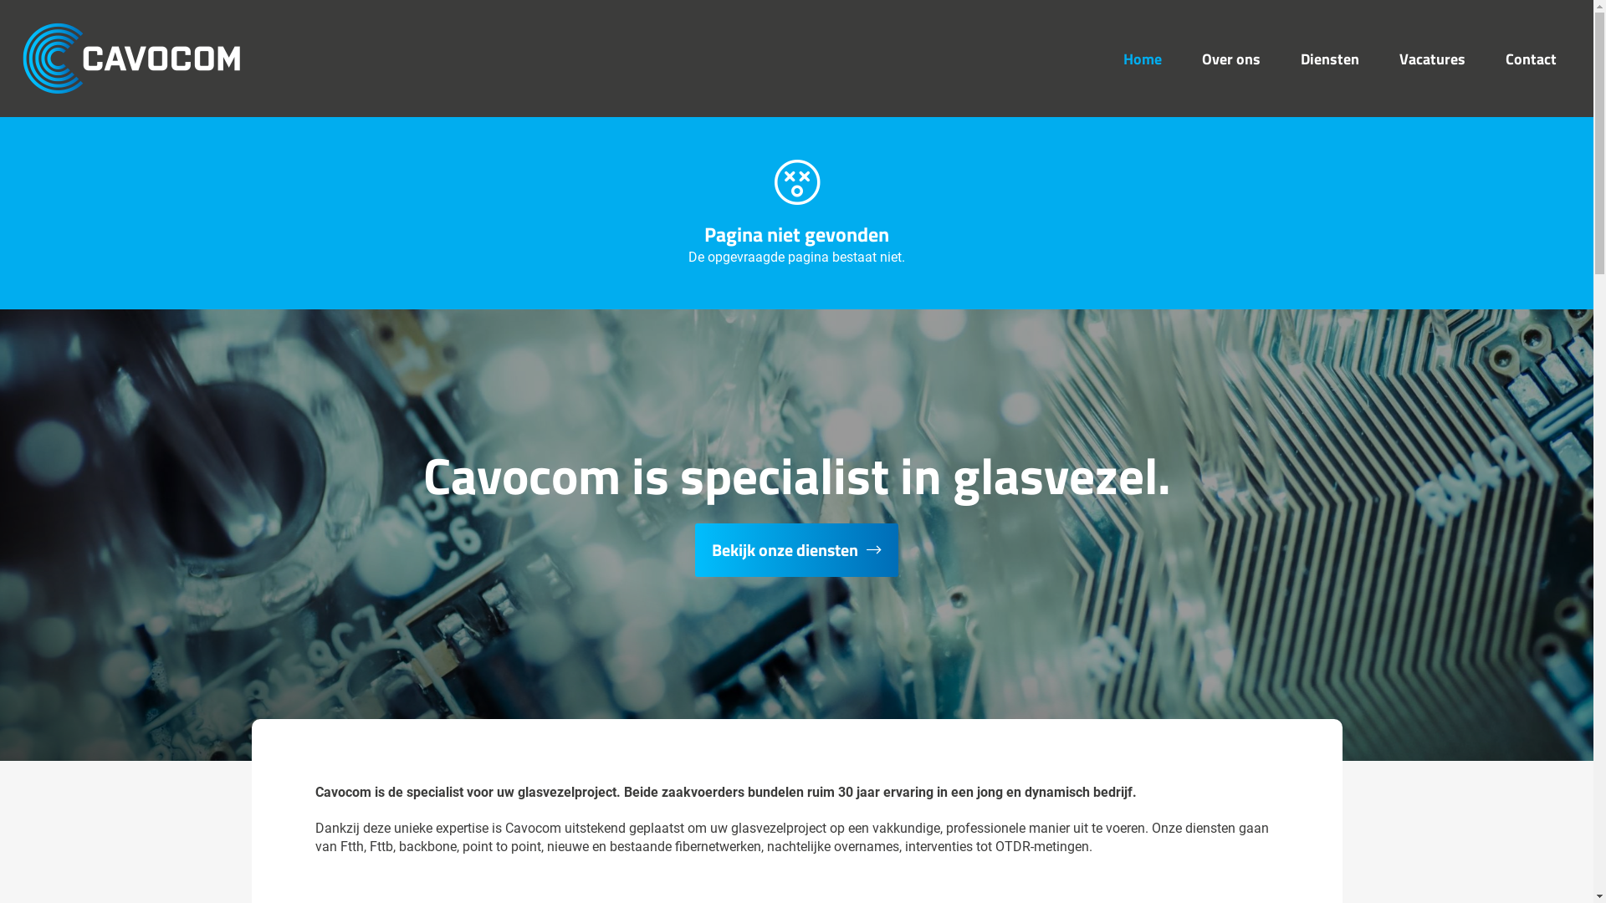 The height and width of the screenshot is (903, 1606). I want to click on 'Over ons', so click(1231, 57).